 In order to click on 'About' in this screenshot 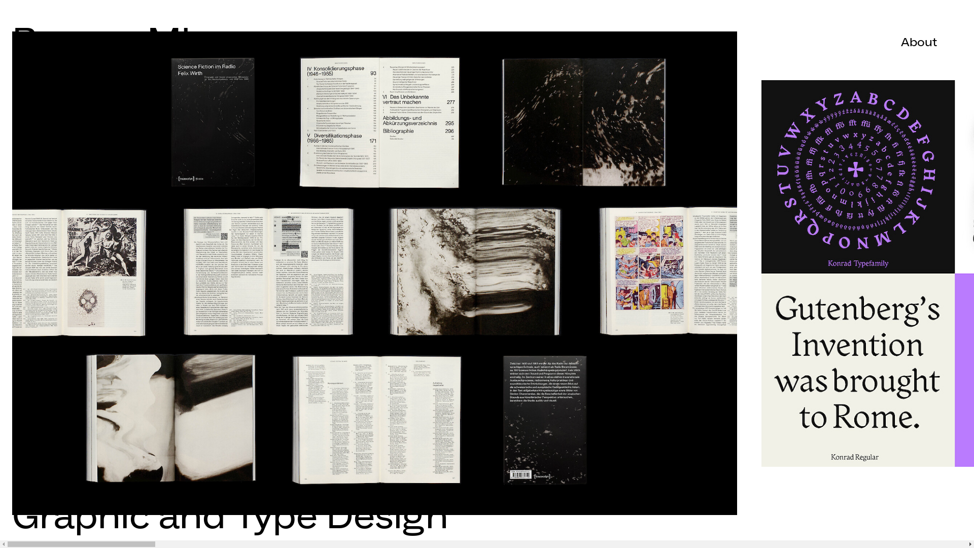, I will do `click(919, 42)`.